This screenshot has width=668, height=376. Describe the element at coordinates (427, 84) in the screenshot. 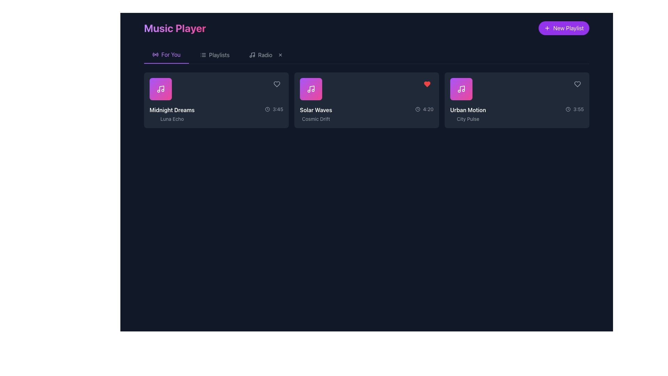

I see `the favorite button located in the top-right section of the card for the 'Solar Waves' track to mark it as a favorite` at that location.